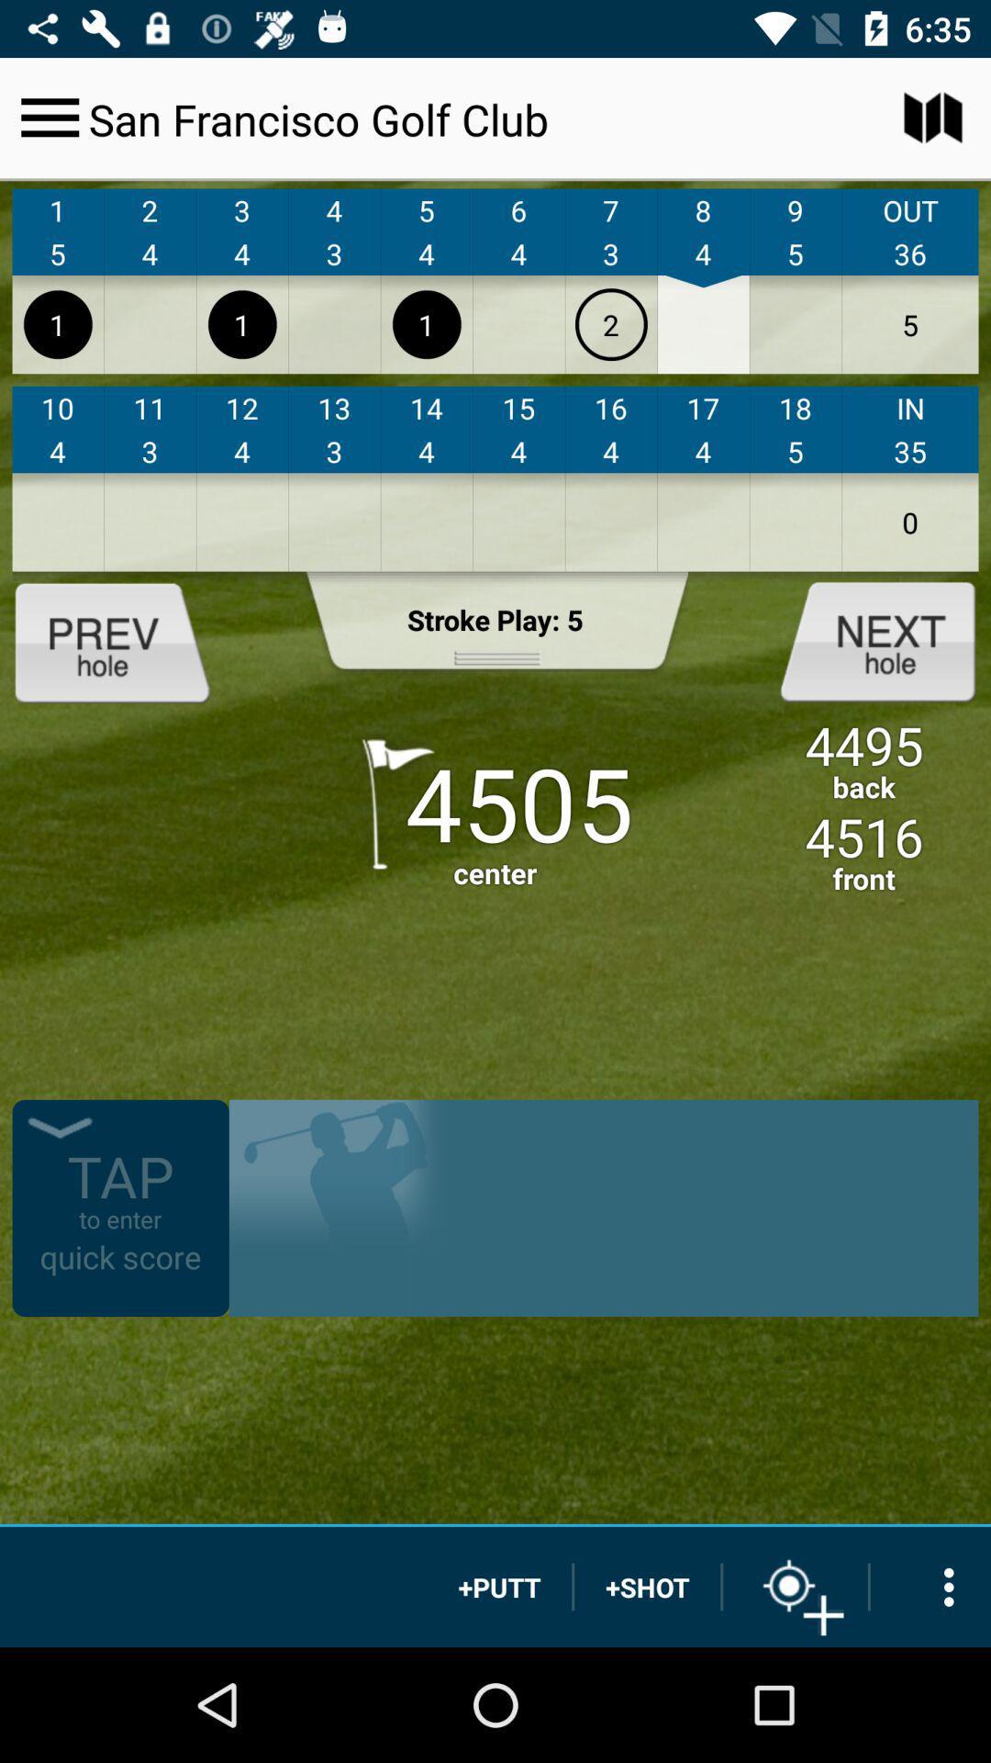 The height and width of the screenshot is (1763, 991). I want to click on the location_crosshair icon, so click(795, 1586).